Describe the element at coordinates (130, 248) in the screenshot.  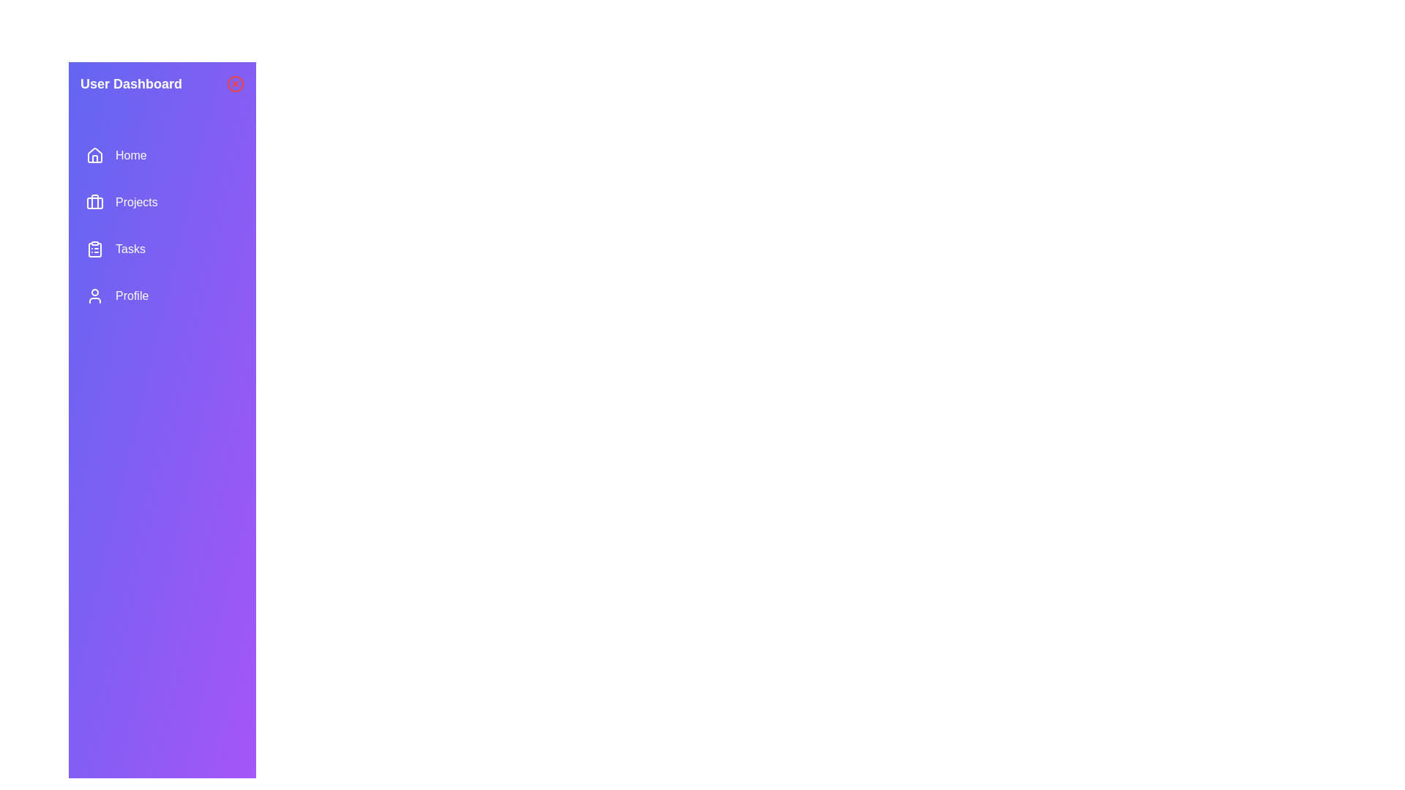
I see `the 'Tasks' text label located in the navigation menu, which is the third item in a vertical list, aligned next to a clipboard icon` at that location.